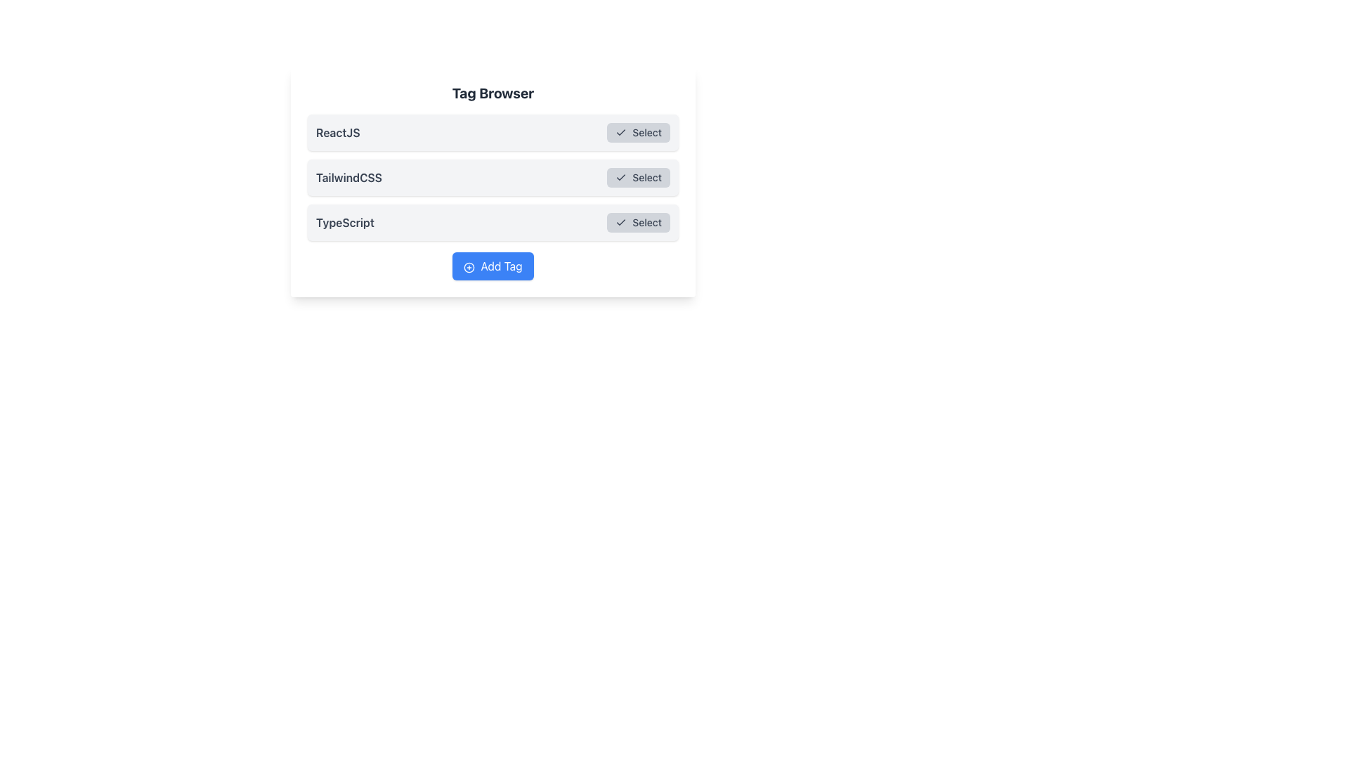  I want to click on the rectangular button with rounded corners labeled 'Select', so click(638, 177).